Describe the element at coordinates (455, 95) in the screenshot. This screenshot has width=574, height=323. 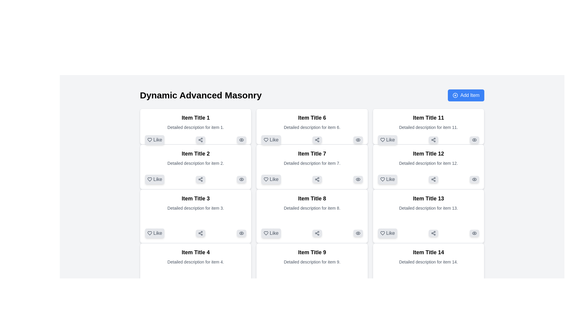
I see `the 'Add Item' icon located to the left of the text label 'Add Item' in the top-right corner of the interface` at that location.